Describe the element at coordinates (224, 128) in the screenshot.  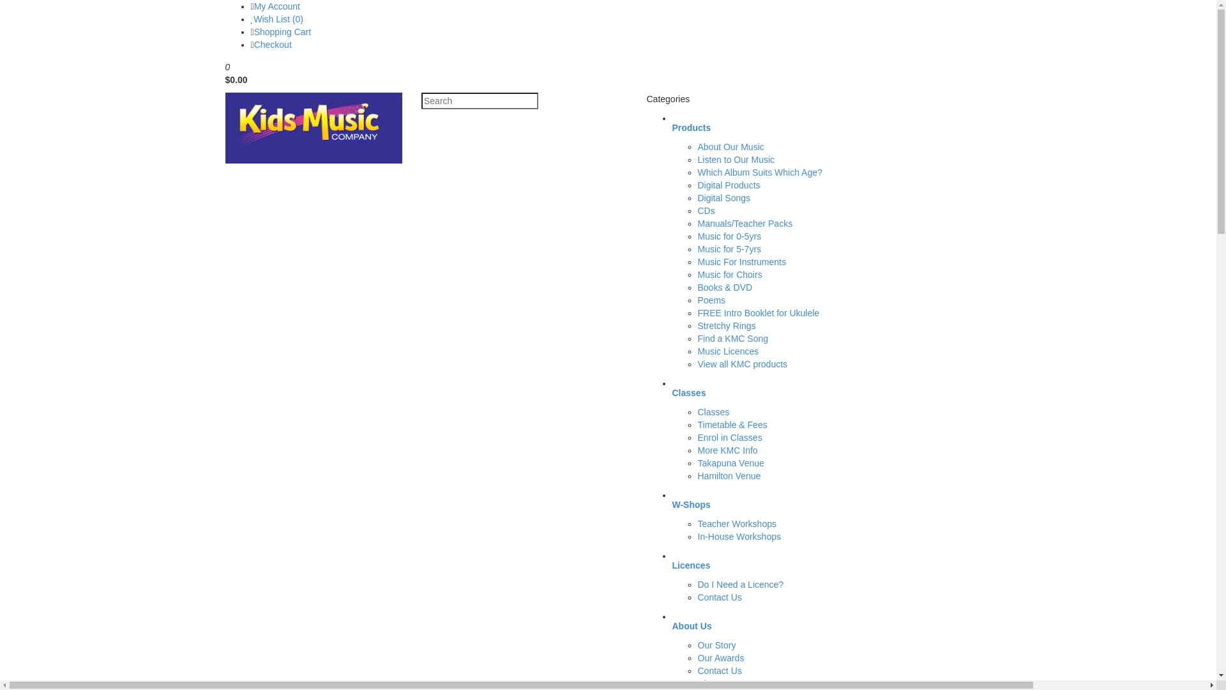
I see `'Kids Music Company - Online Shop'` at that location.